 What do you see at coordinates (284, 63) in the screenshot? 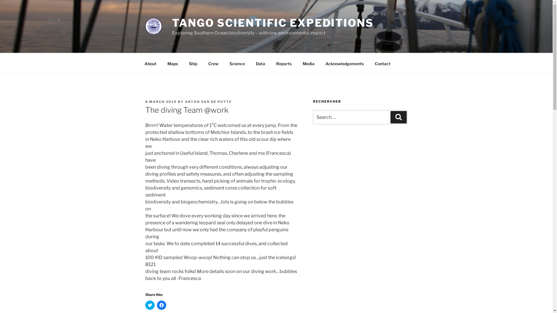
I see `'Reports'` at bounding box center [284, 63].